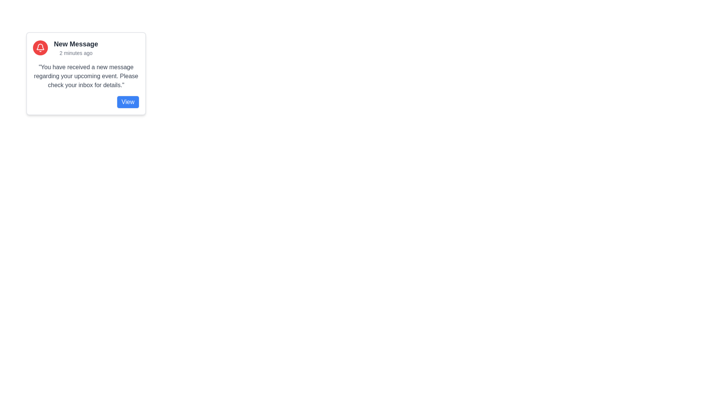 Image resolution: width=719 pixels, height=404 pixels. I want to click on the notification title and time text that displays 'New Message' and '2 minutes ago', located immediately to the right of the red circular notification icon, so click(76, 48).